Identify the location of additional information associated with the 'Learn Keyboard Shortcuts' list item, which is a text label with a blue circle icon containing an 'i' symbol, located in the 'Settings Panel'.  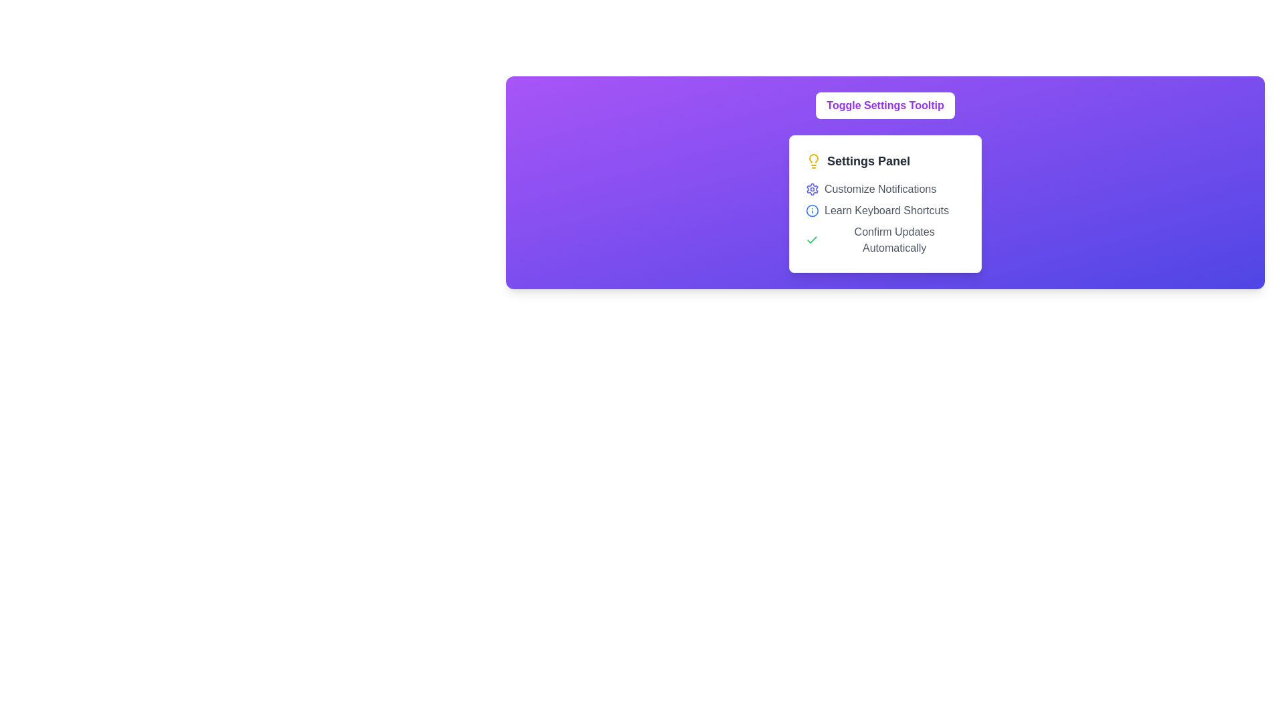
(885, 211).